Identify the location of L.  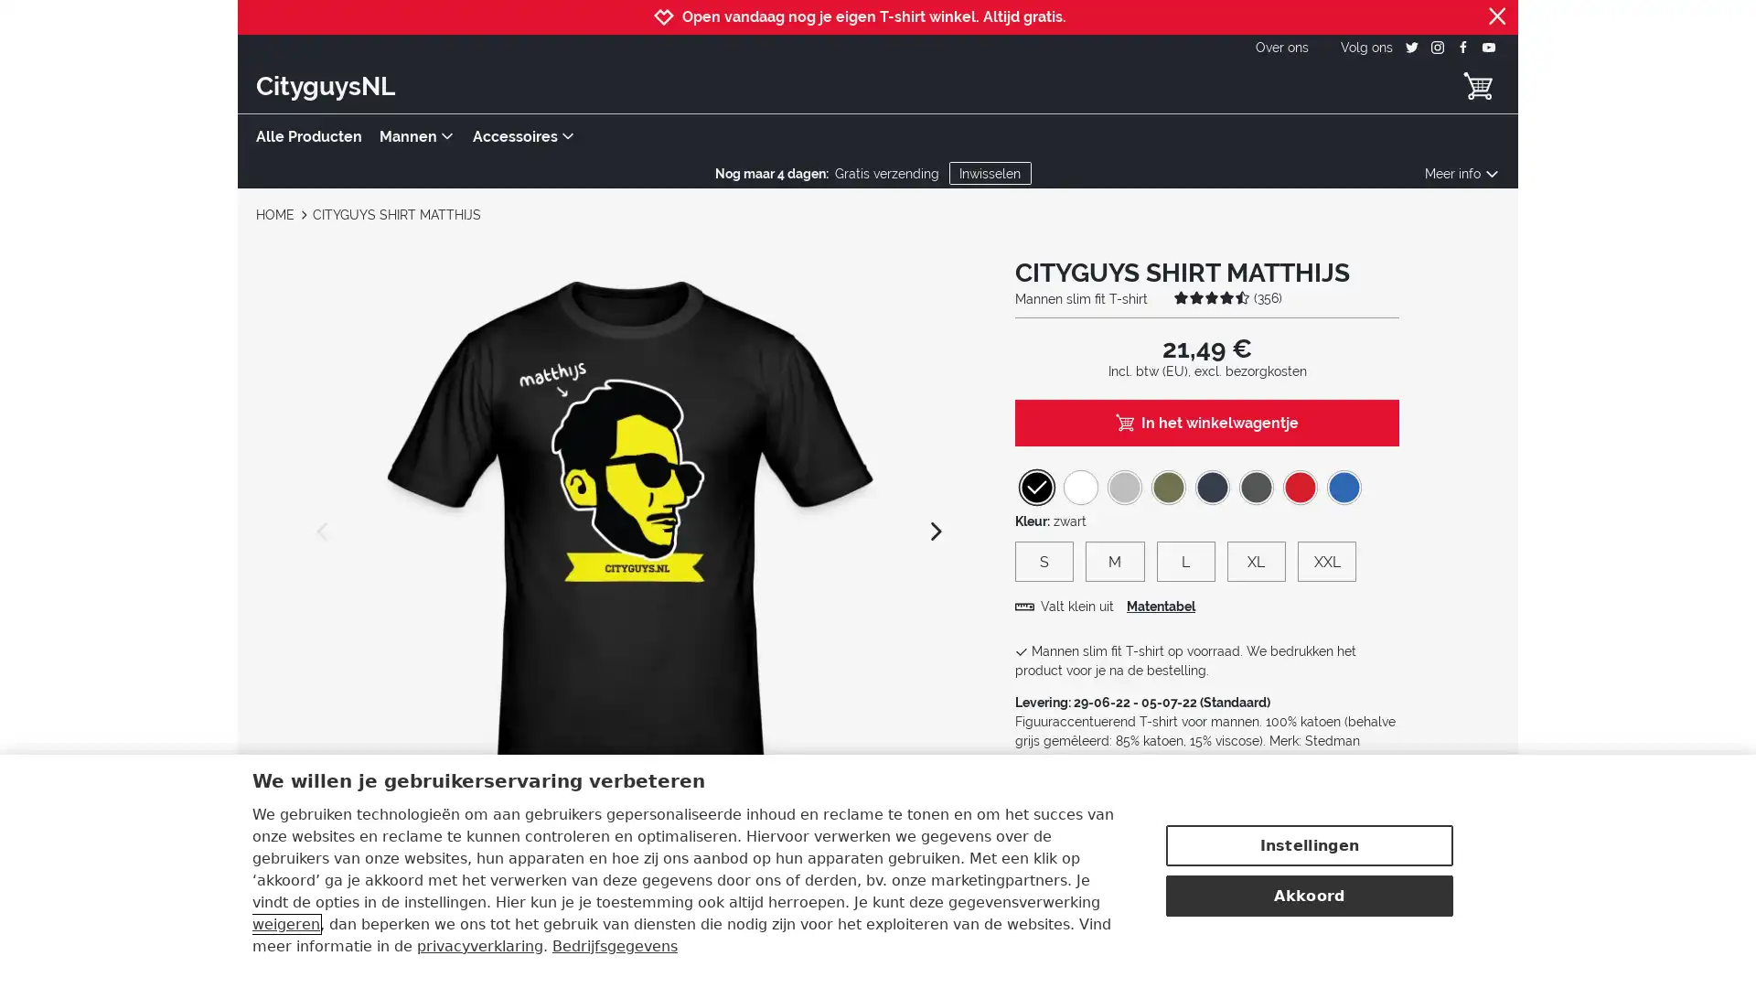
(1185, 560).